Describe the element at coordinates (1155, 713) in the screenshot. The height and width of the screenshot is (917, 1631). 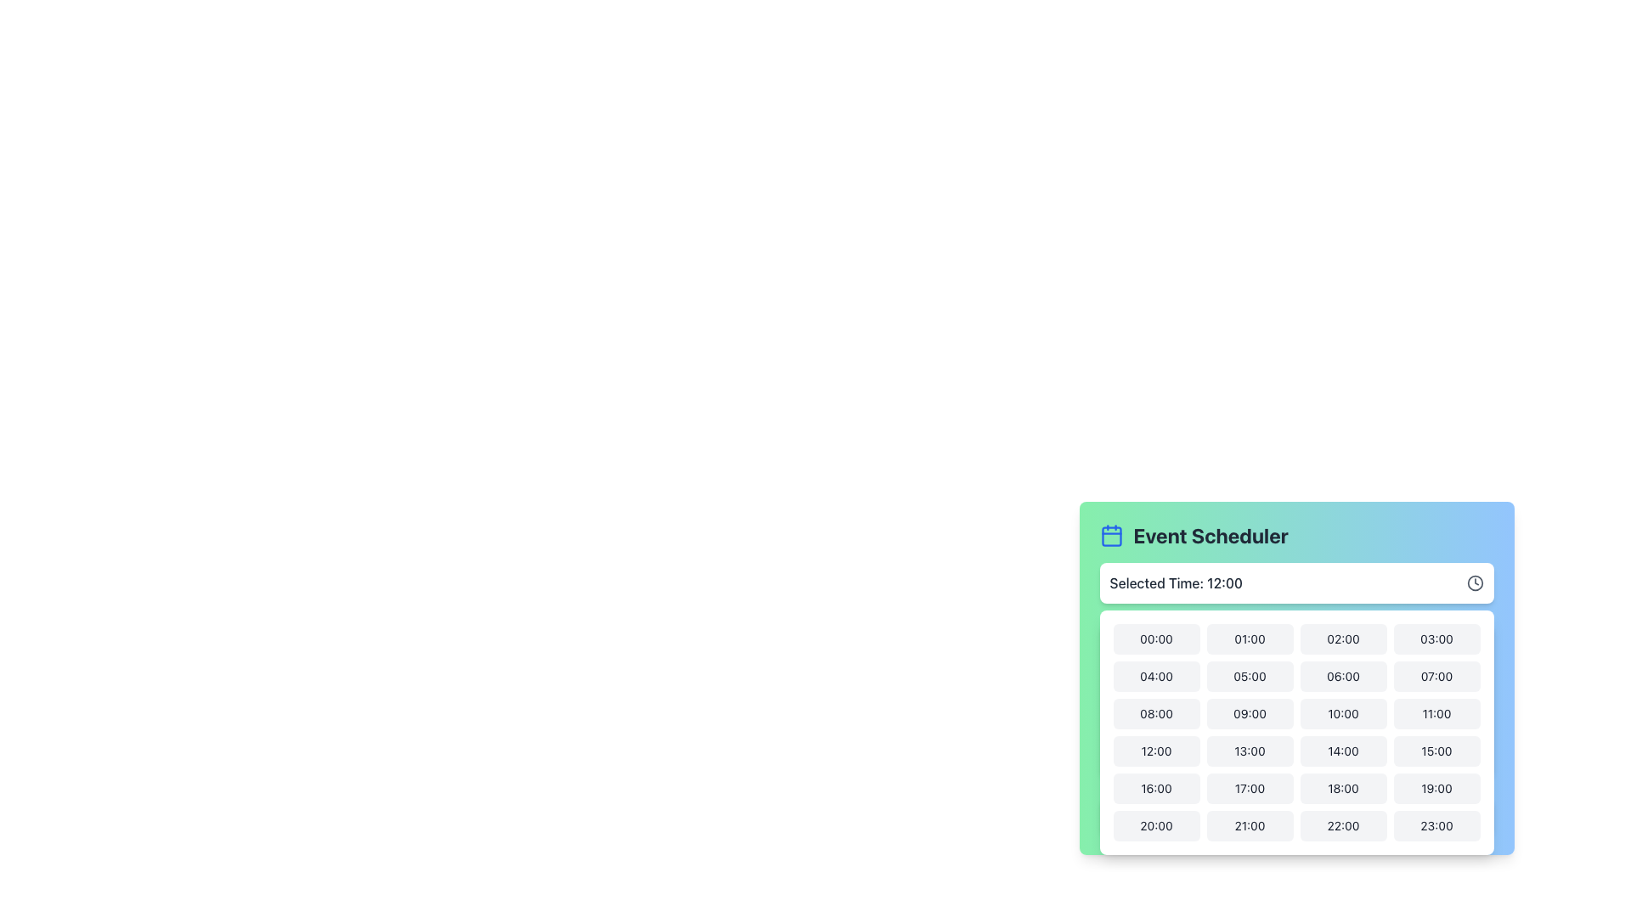
I see `the '08:00' time slot button located in the third row and first column of the time selection grid` at that location.